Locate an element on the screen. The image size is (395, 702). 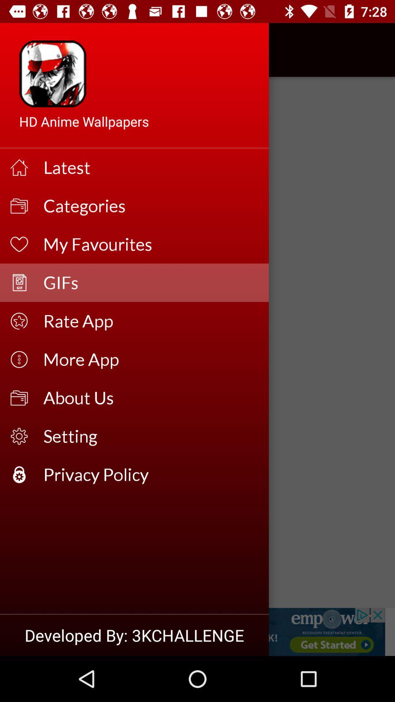
icon to the left of gif icon is located at coordinates (26, 49).